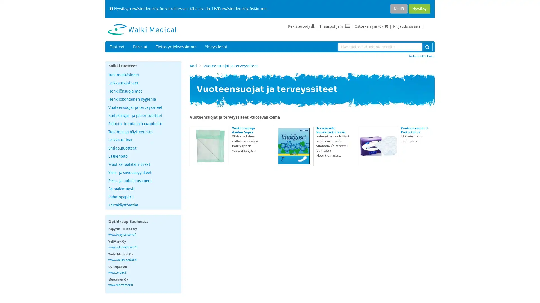  What do you see at coordinates (419, 9) in the screenshot?
I see `Hyvaksy` at bounding box center [419, 9].